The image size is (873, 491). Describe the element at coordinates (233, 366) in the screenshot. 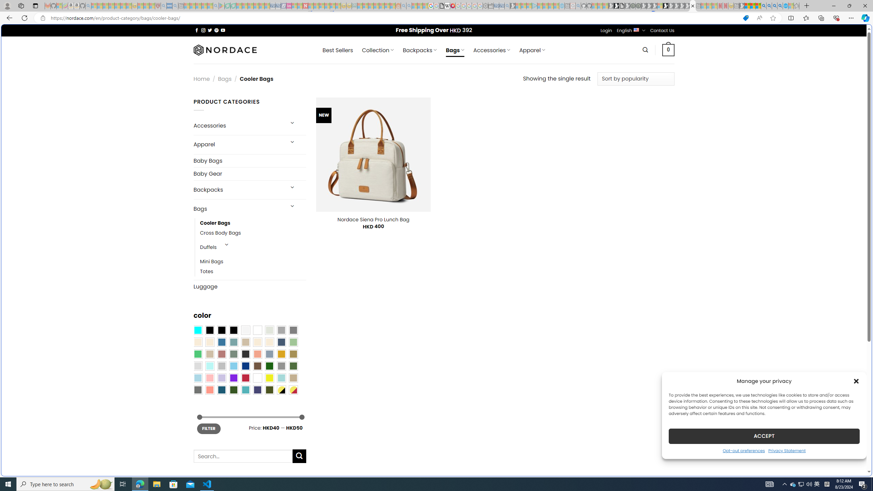

I see `'Sky Blue'` at that location.